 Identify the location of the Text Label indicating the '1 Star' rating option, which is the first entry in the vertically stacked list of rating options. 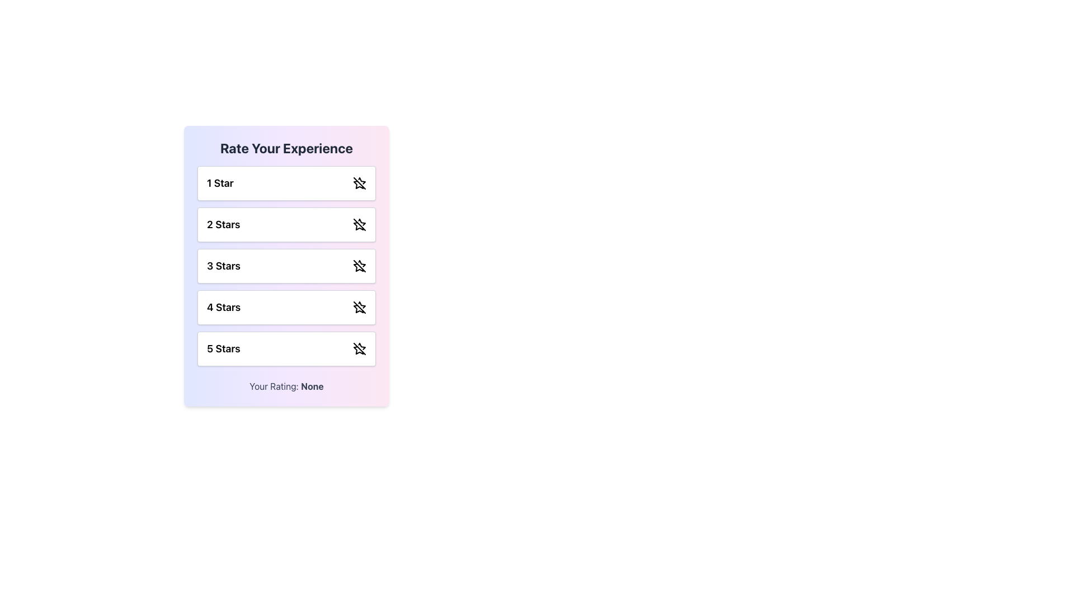
(220, 182).